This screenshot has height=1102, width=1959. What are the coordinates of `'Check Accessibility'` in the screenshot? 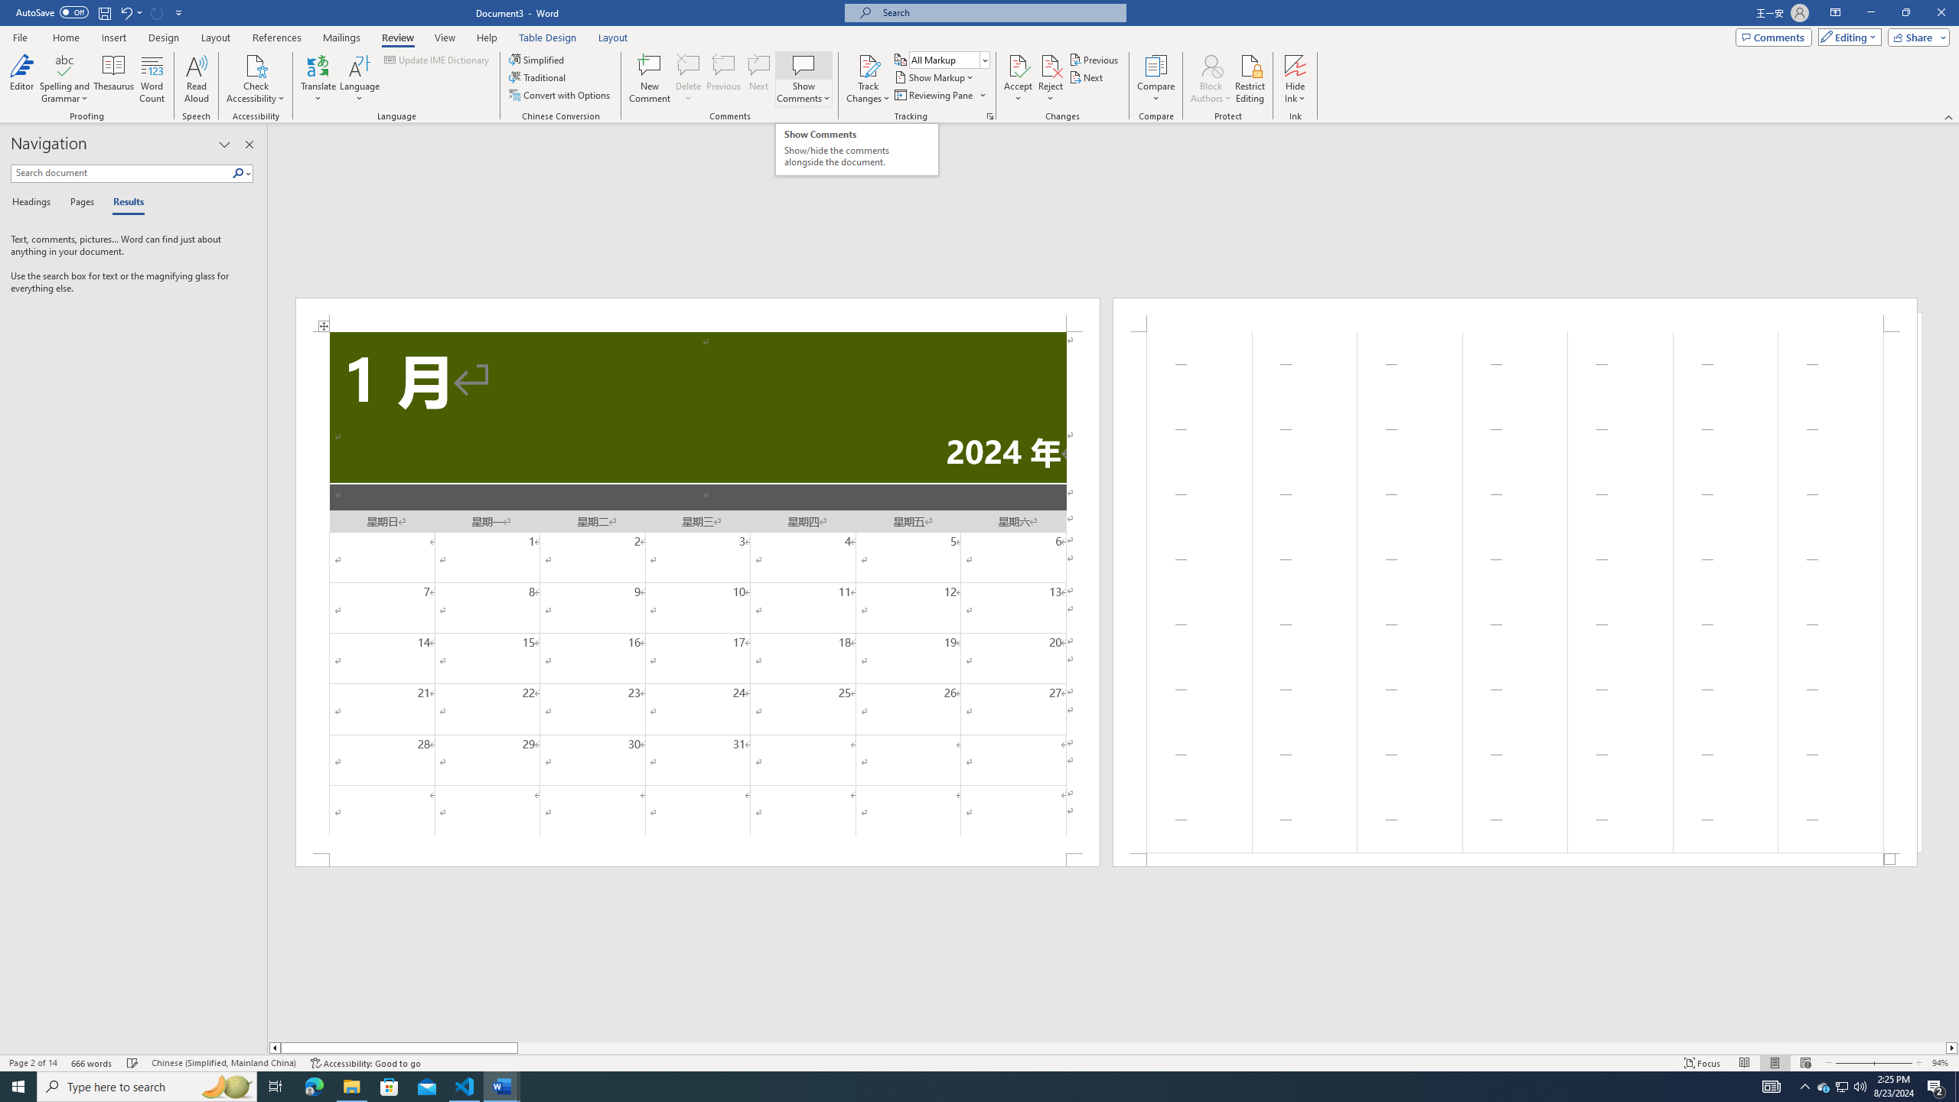 It's located at (256, 64).